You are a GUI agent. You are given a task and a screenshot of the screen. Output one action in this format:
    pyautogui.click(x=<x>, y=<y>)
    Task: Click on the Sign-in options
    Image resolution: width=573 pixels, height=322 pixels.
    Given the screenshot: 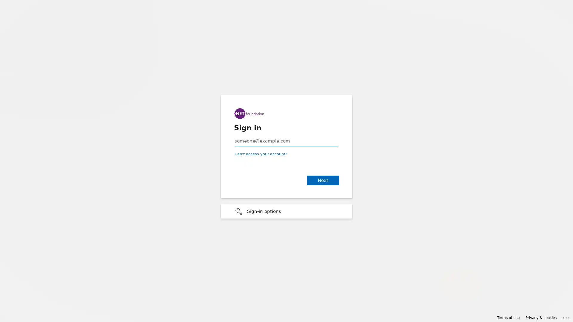 What is the action you would take?
    pyautogui.click(x=286, y=211)
    